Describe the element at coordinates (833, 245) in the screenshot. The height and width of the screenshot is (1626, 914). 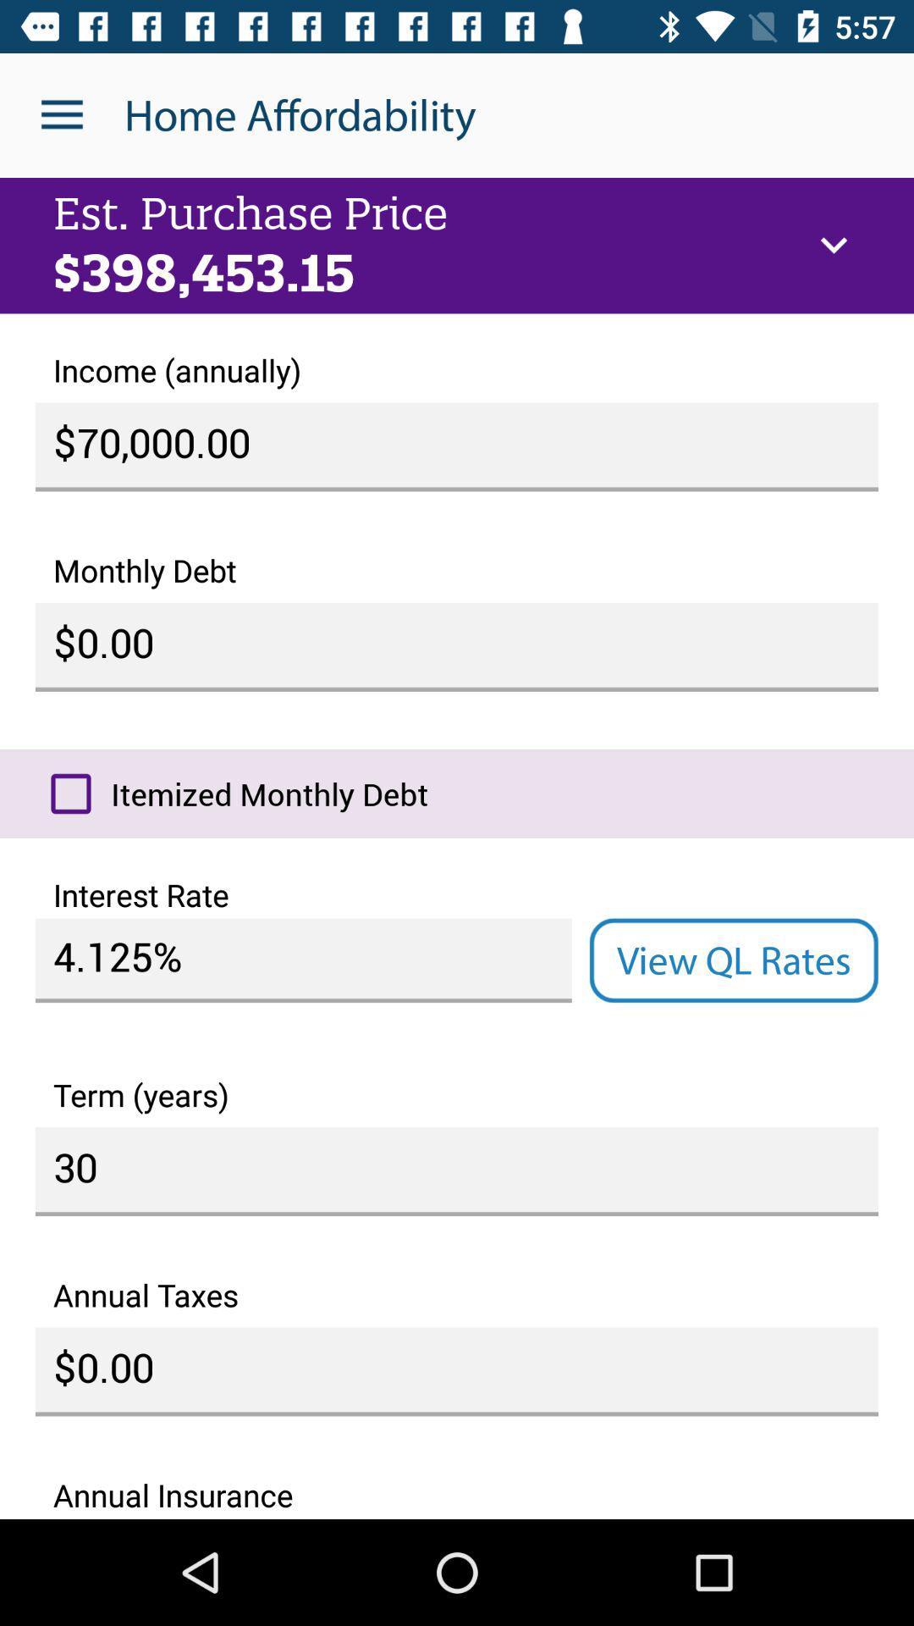
I see `icon next to est. purchase price` at that location.